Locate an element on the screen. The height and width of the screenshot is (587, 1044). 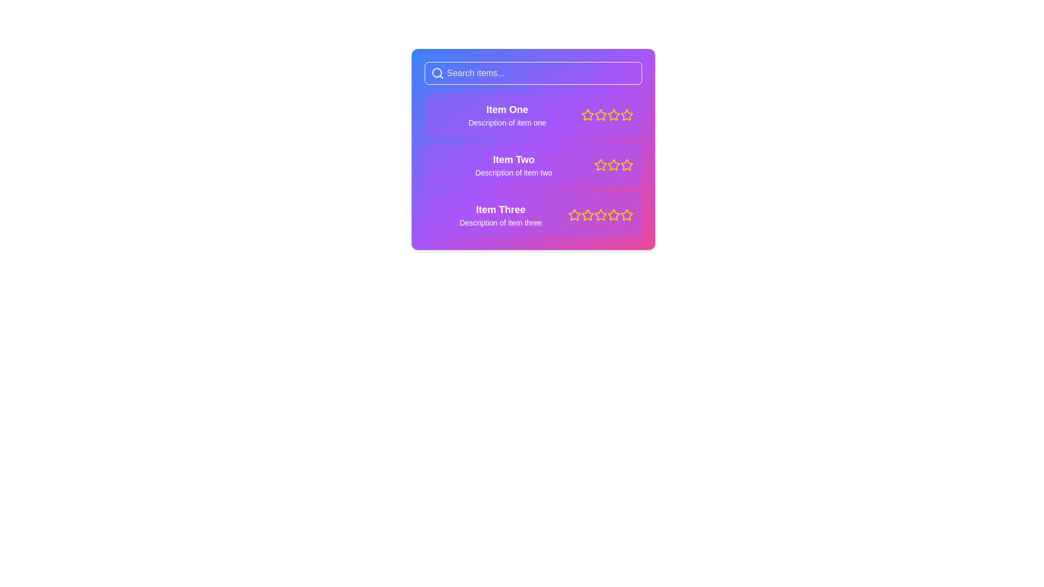
the first list item with a purple background containing the text 'Item One' and five yellow star icons for rating is located at coordinates (533, 115).